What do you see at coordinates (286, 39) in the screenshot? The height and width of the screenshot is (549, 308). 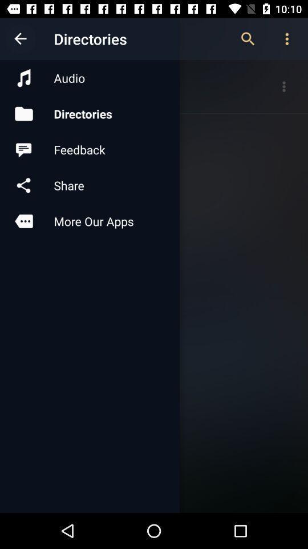 I see `the second icon which is at the top right corner` at bounding box center [286, 39].